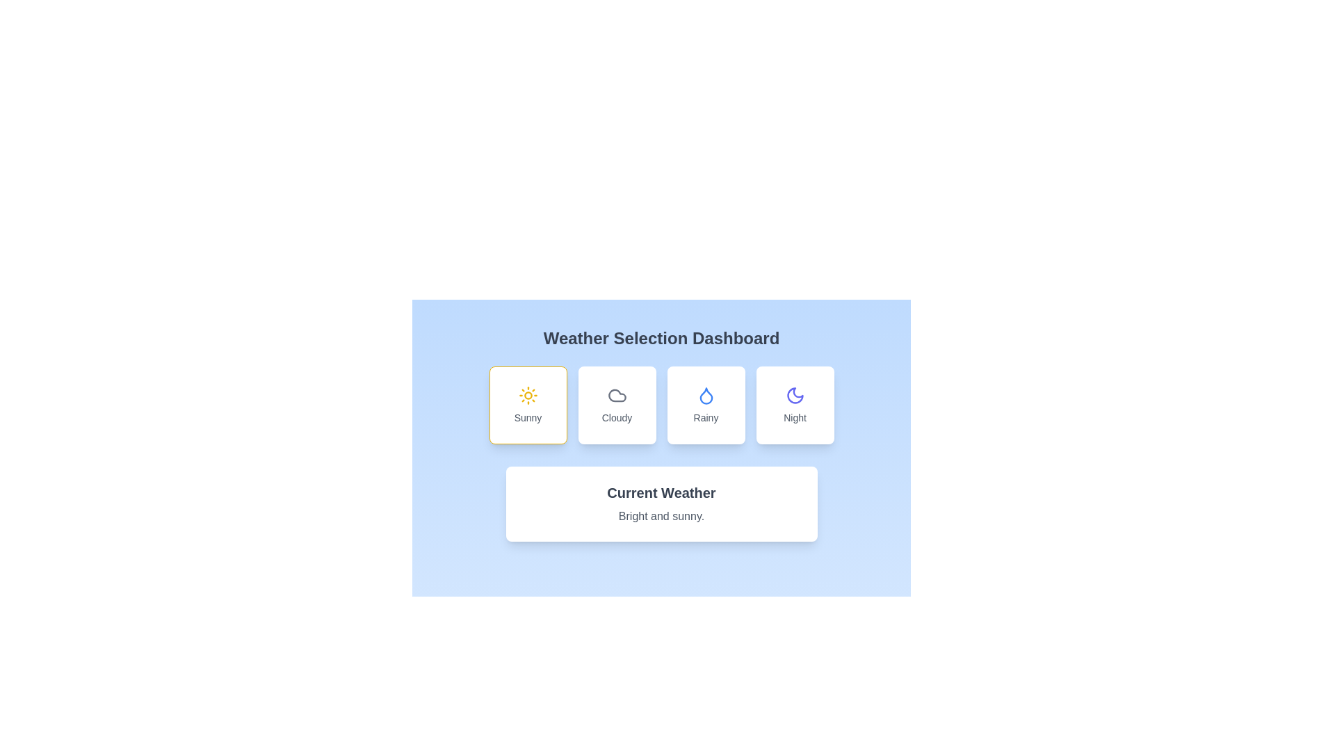  What do you see at coordinates (706, 396) in the screenshot?
I see `the blue drop-like icon representing the 'Rainy' option in the Weather Selection Dashboard` at bounding box center [706, 396].